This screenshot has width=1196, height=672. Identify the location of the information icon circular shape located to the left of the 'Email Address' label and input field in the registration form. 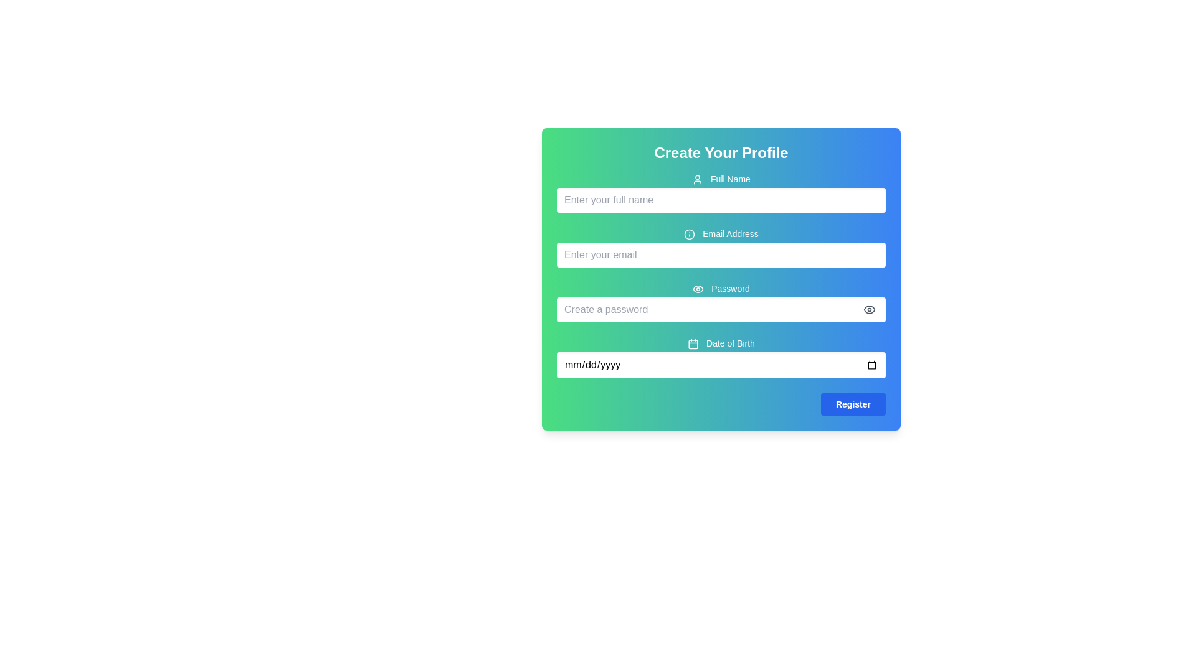
(689, 235).